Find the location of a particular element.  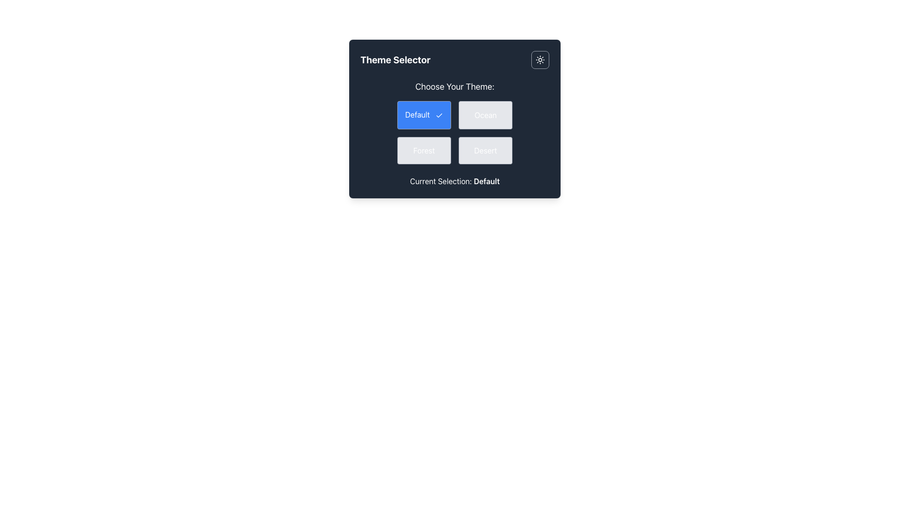

the static text element that displays 'Default', which is visually emphasized as the current choice in the sentence 'Current Selection: Default' is located at coordinates (487, 181).